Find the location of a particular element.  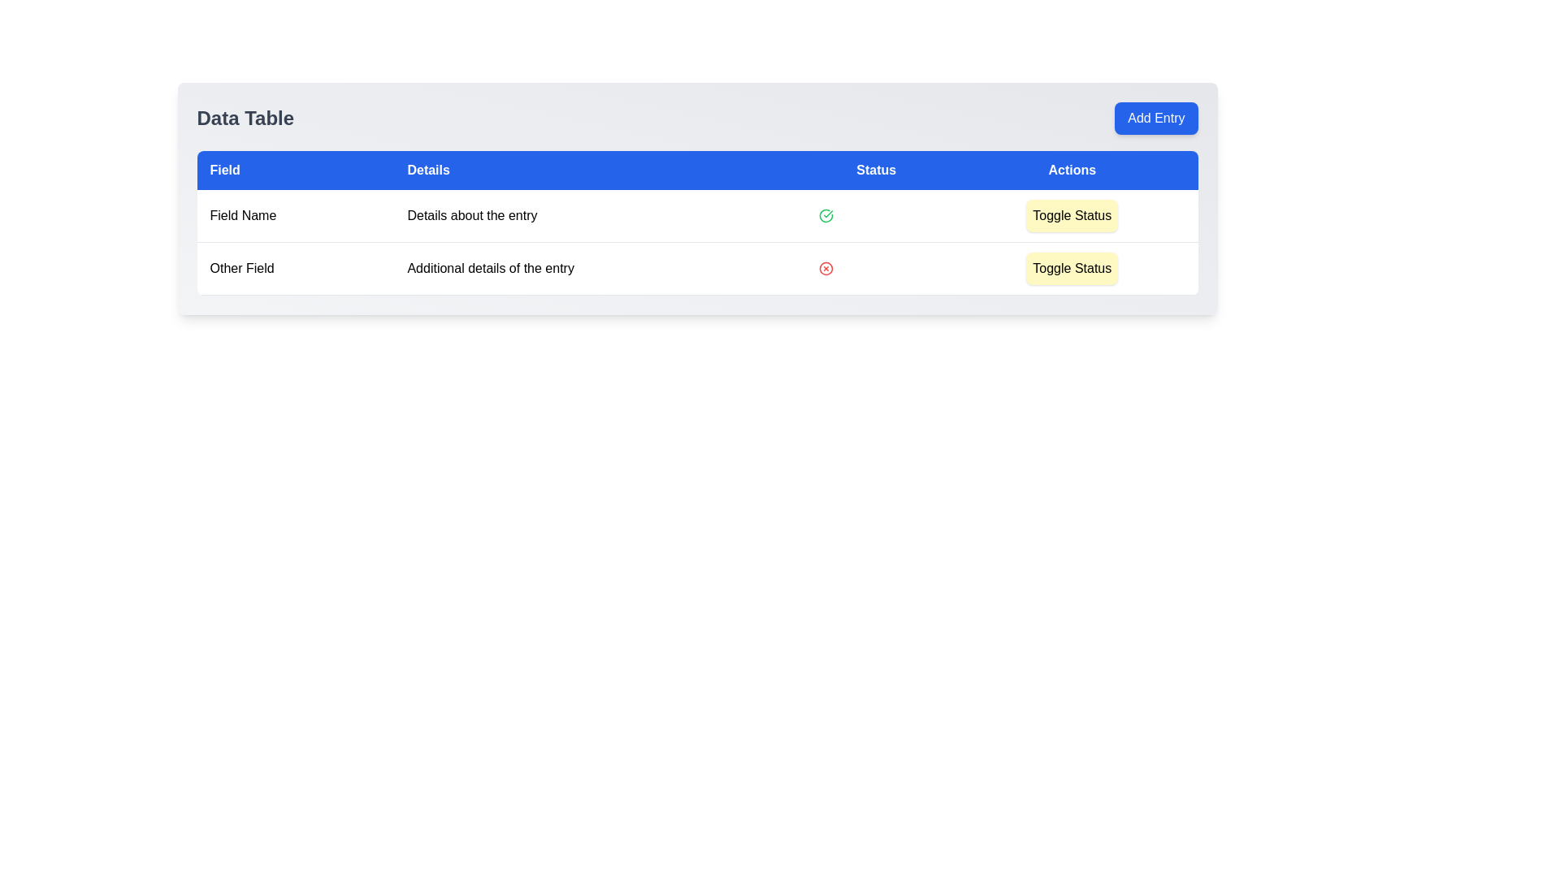

the header label for the 'Actions' column in the table, which is the fourth element aligned horizontally next to 'Status' is located at coordinates (1072, 170).